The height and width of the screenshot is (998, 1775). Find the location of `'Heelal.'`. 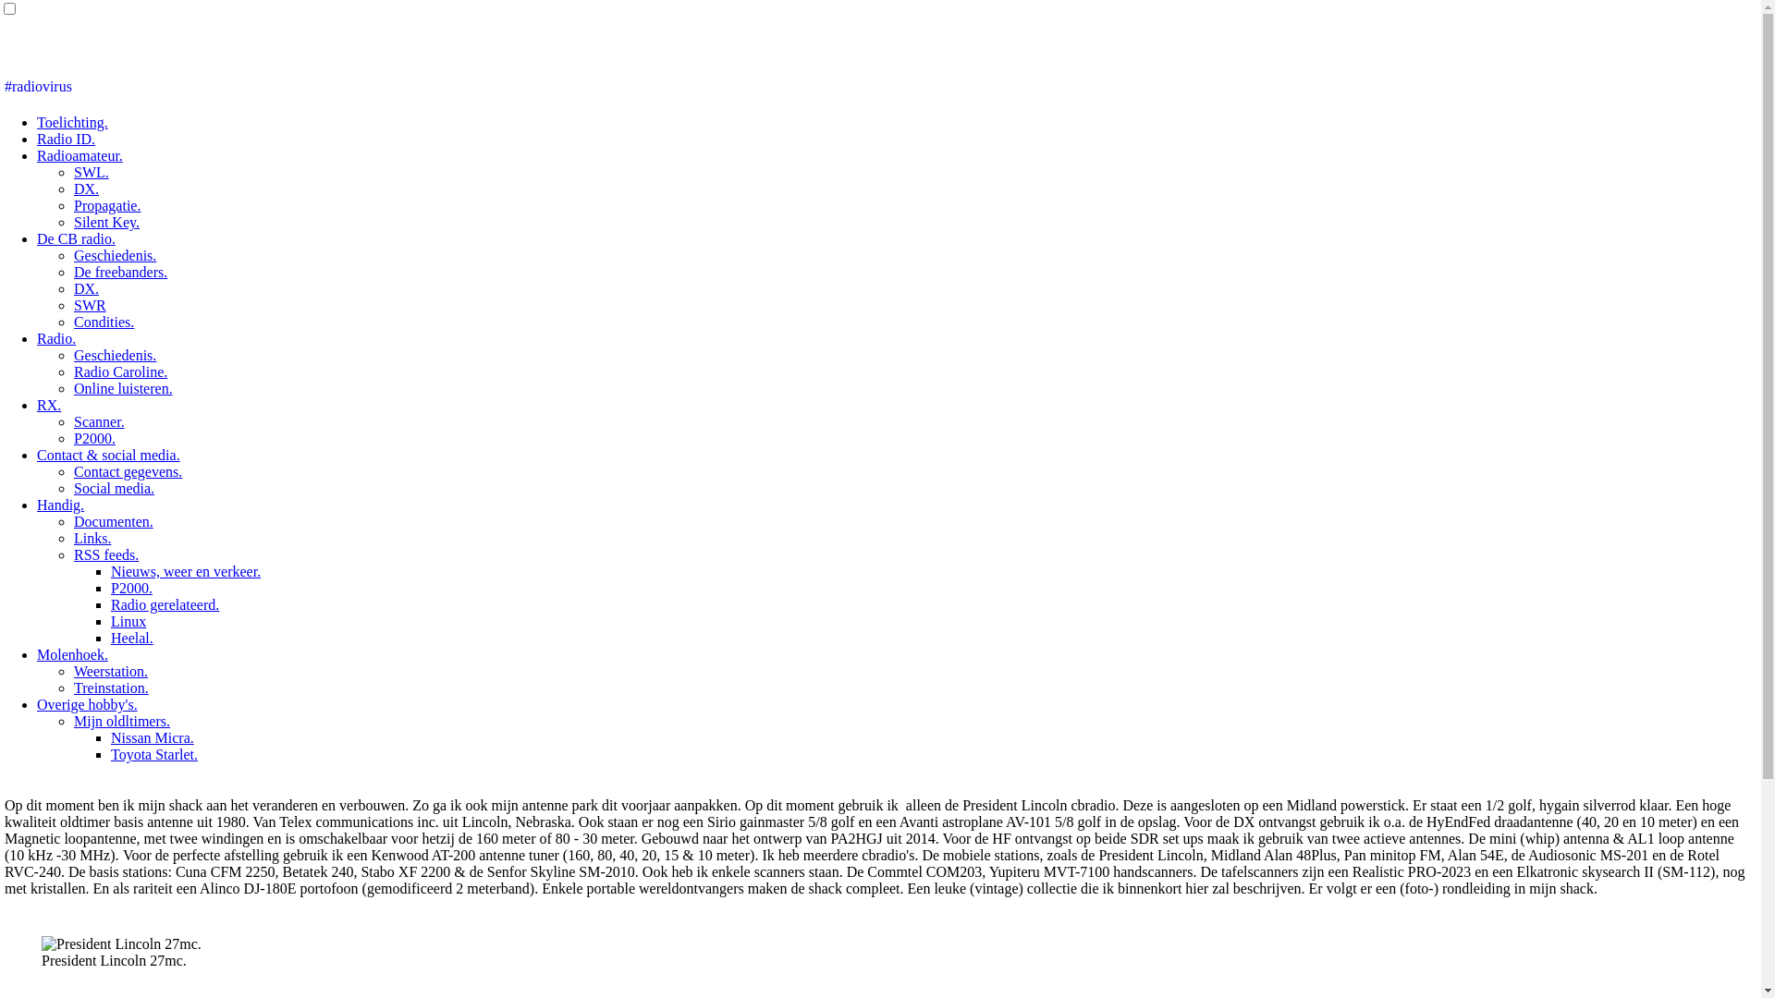

'Heelal.' is located at coordinates (131, 637).